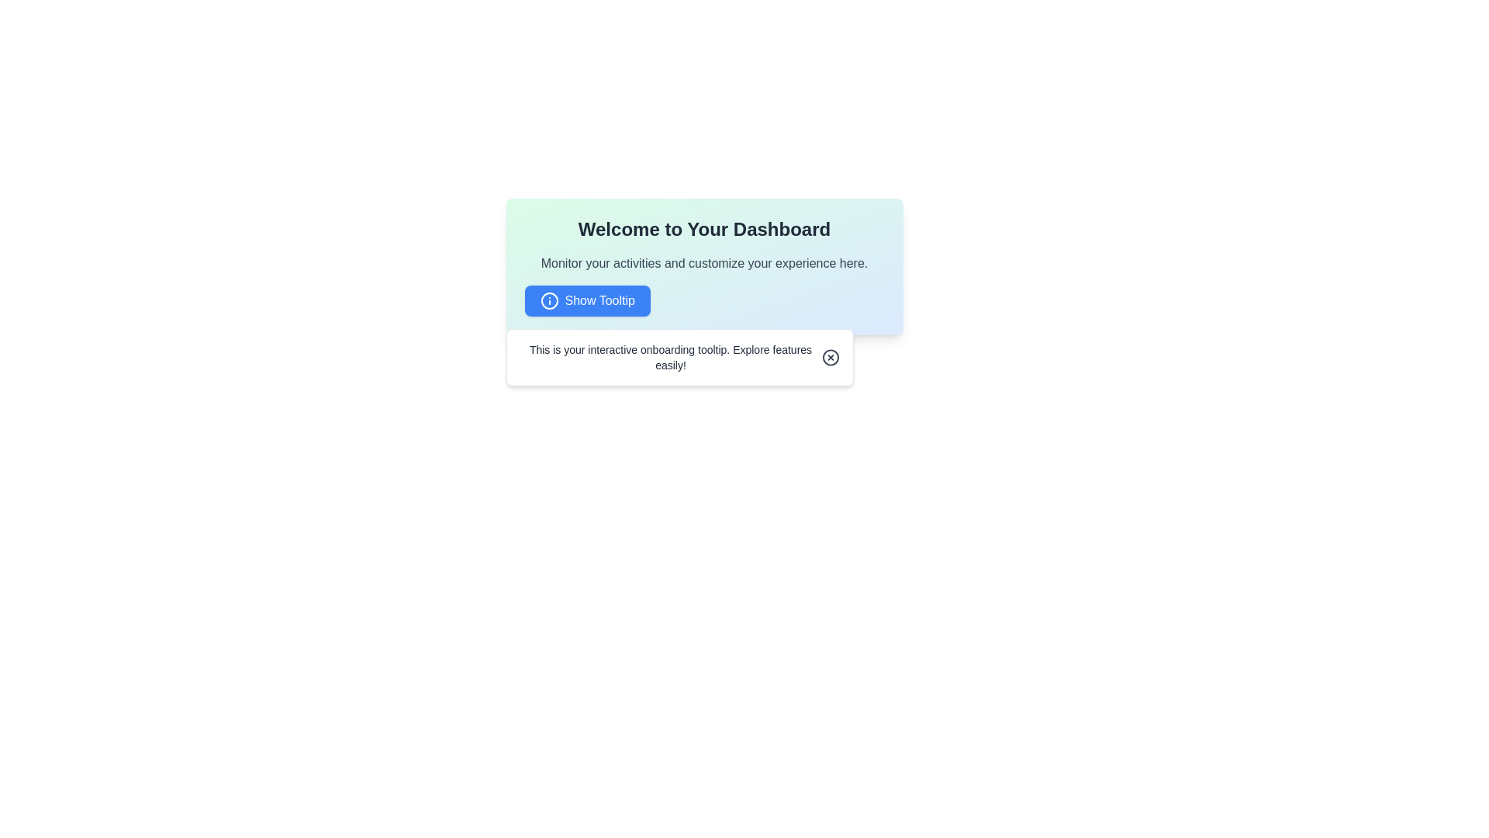  Describe the element at coordinates (703, 265) in the screenshot. I see `the centrally positioned Text Block with Explanation that provides context and instructions for the user, located above the secondary tooltip box and below the main heading 'Welcome to Your Dashboard'` at that location.